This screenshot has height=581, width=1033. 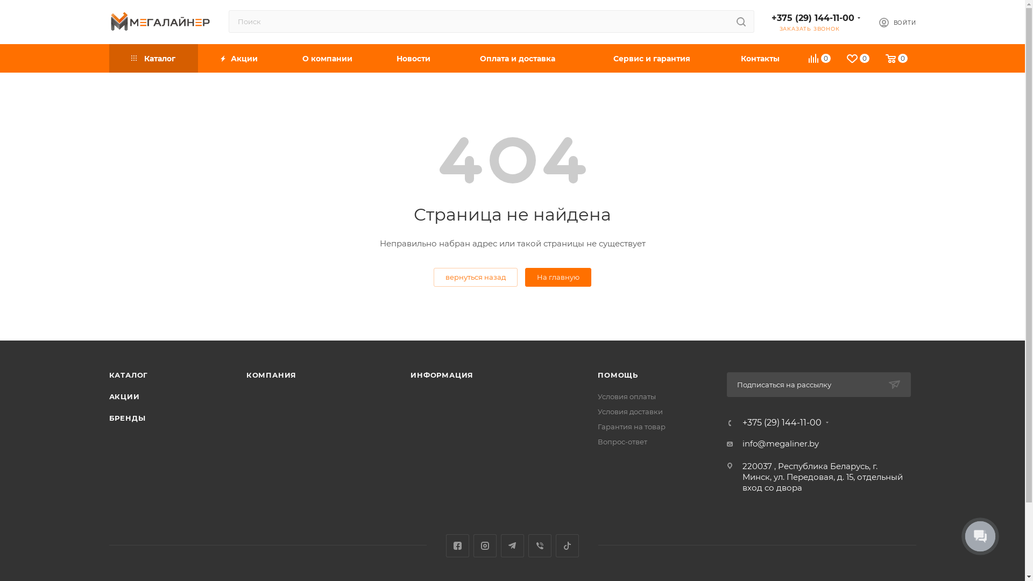 I want to click on 'MEGALINER', so click(x=159, y=21).